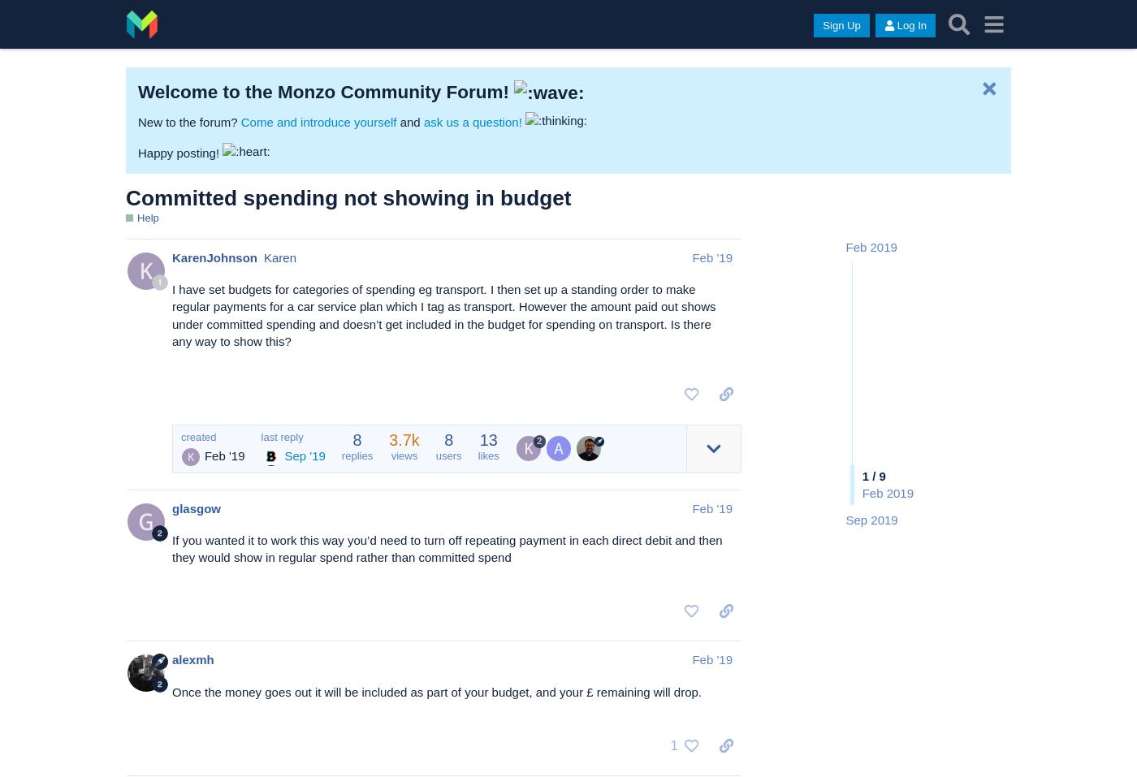 The image size is (1137, 777). What do you see at coordinates (488, 438) in the screenshot?
I see `'13'` at bounding box center [488, 438].